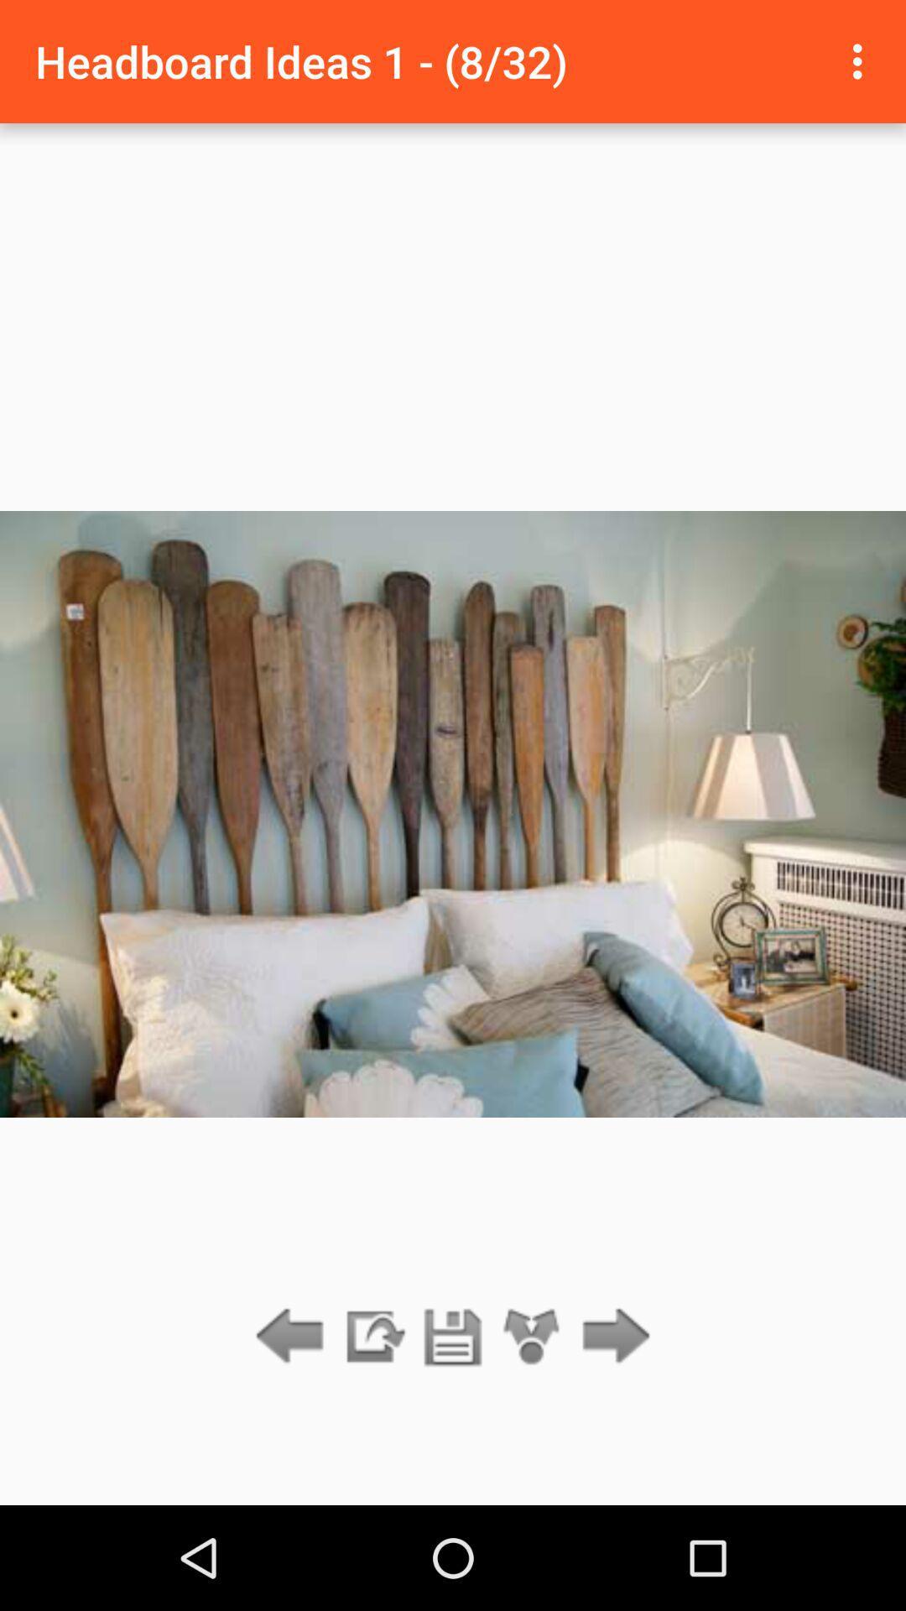 The width and height of the screenshot is (906, 1611). Describe the element at coordinates (294, 1337) in the screenshot. I see `go back` at that location.